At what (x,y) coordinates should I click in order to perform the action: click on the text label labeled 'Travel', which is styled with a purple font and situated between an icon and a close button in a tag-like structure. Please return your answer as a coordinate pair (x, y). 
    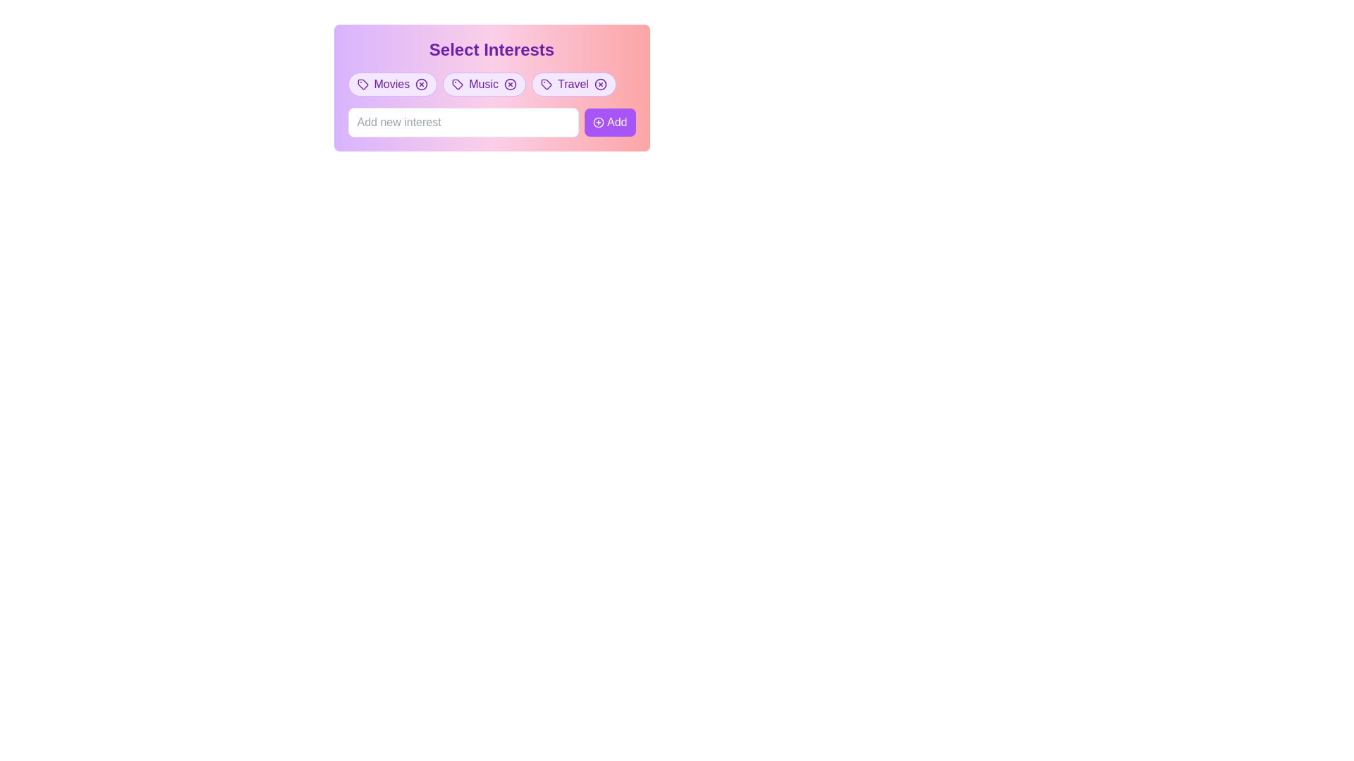
    Looking at the image, I should click on (573, 84).